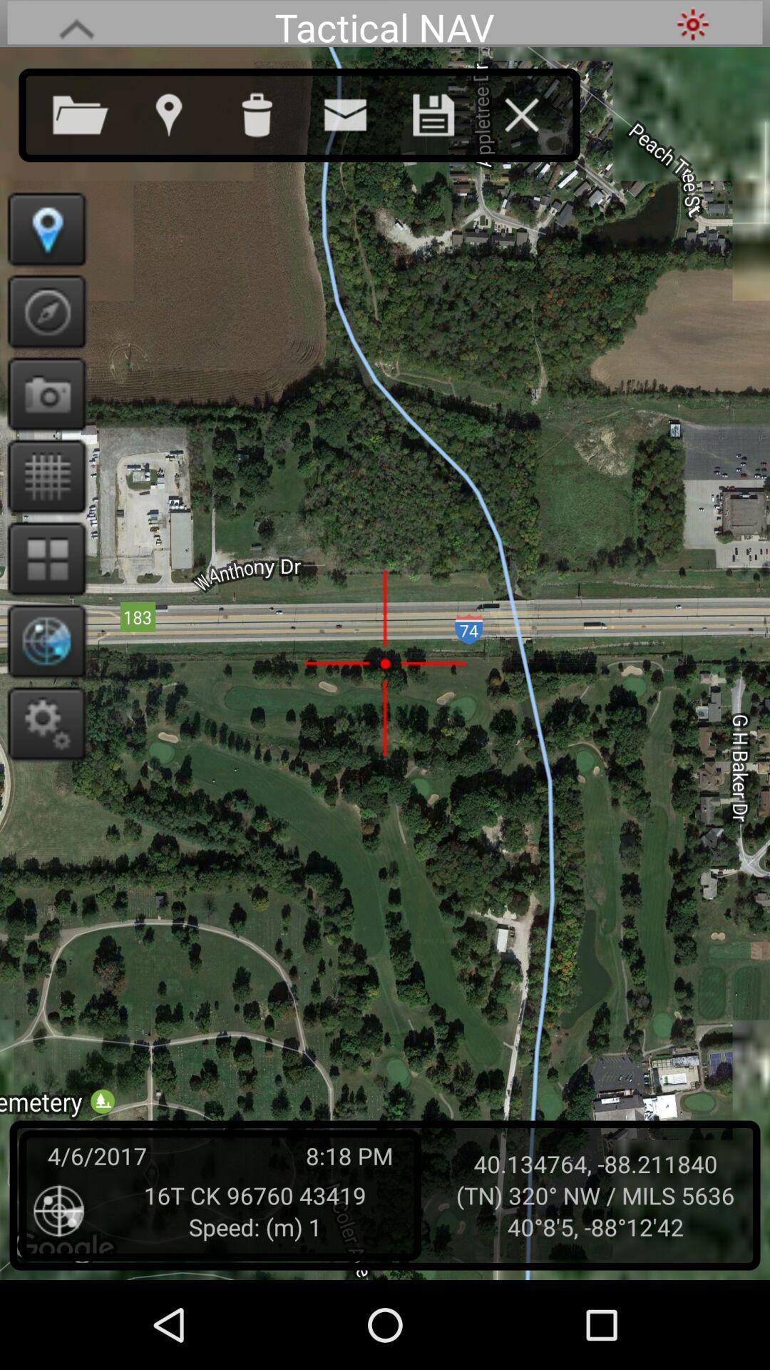 Image resolution: width=770 pixels, height=1370 pixels. What do you see at coordinates (76, 26) in the screenshot?
I see `the font icon` at bounding box center [76, 26].